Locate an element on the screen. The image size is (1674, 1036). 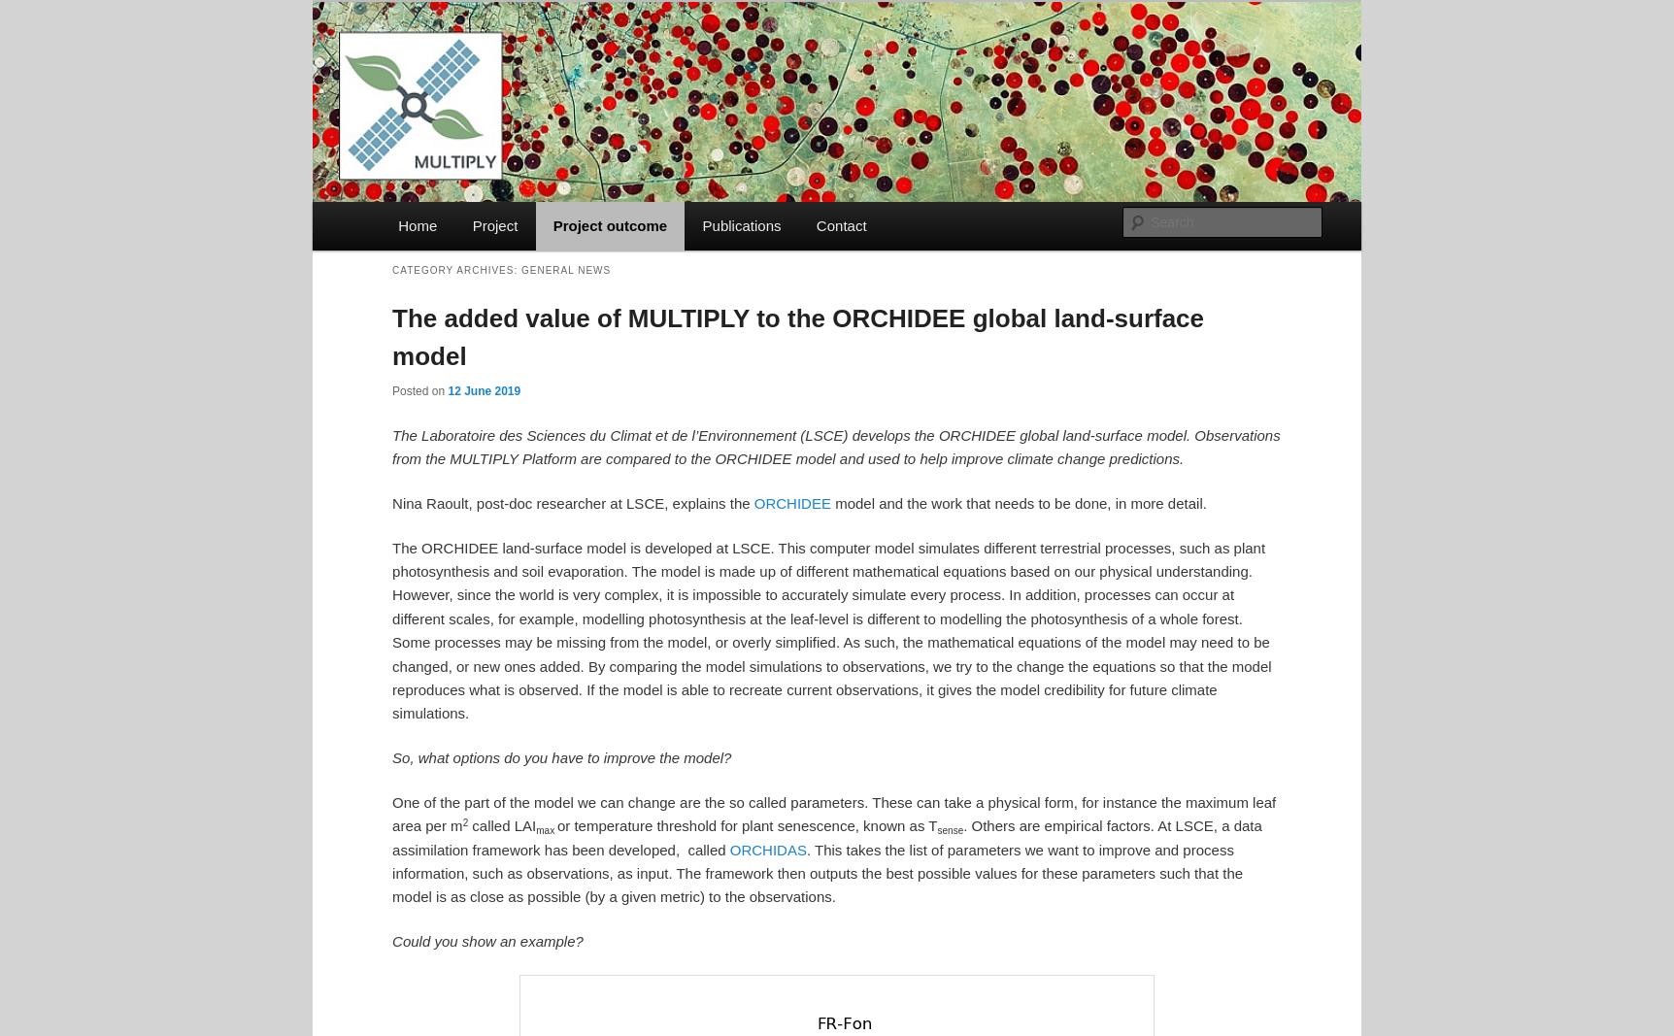
'12 June 2019' is located at coordinates (484, 390).